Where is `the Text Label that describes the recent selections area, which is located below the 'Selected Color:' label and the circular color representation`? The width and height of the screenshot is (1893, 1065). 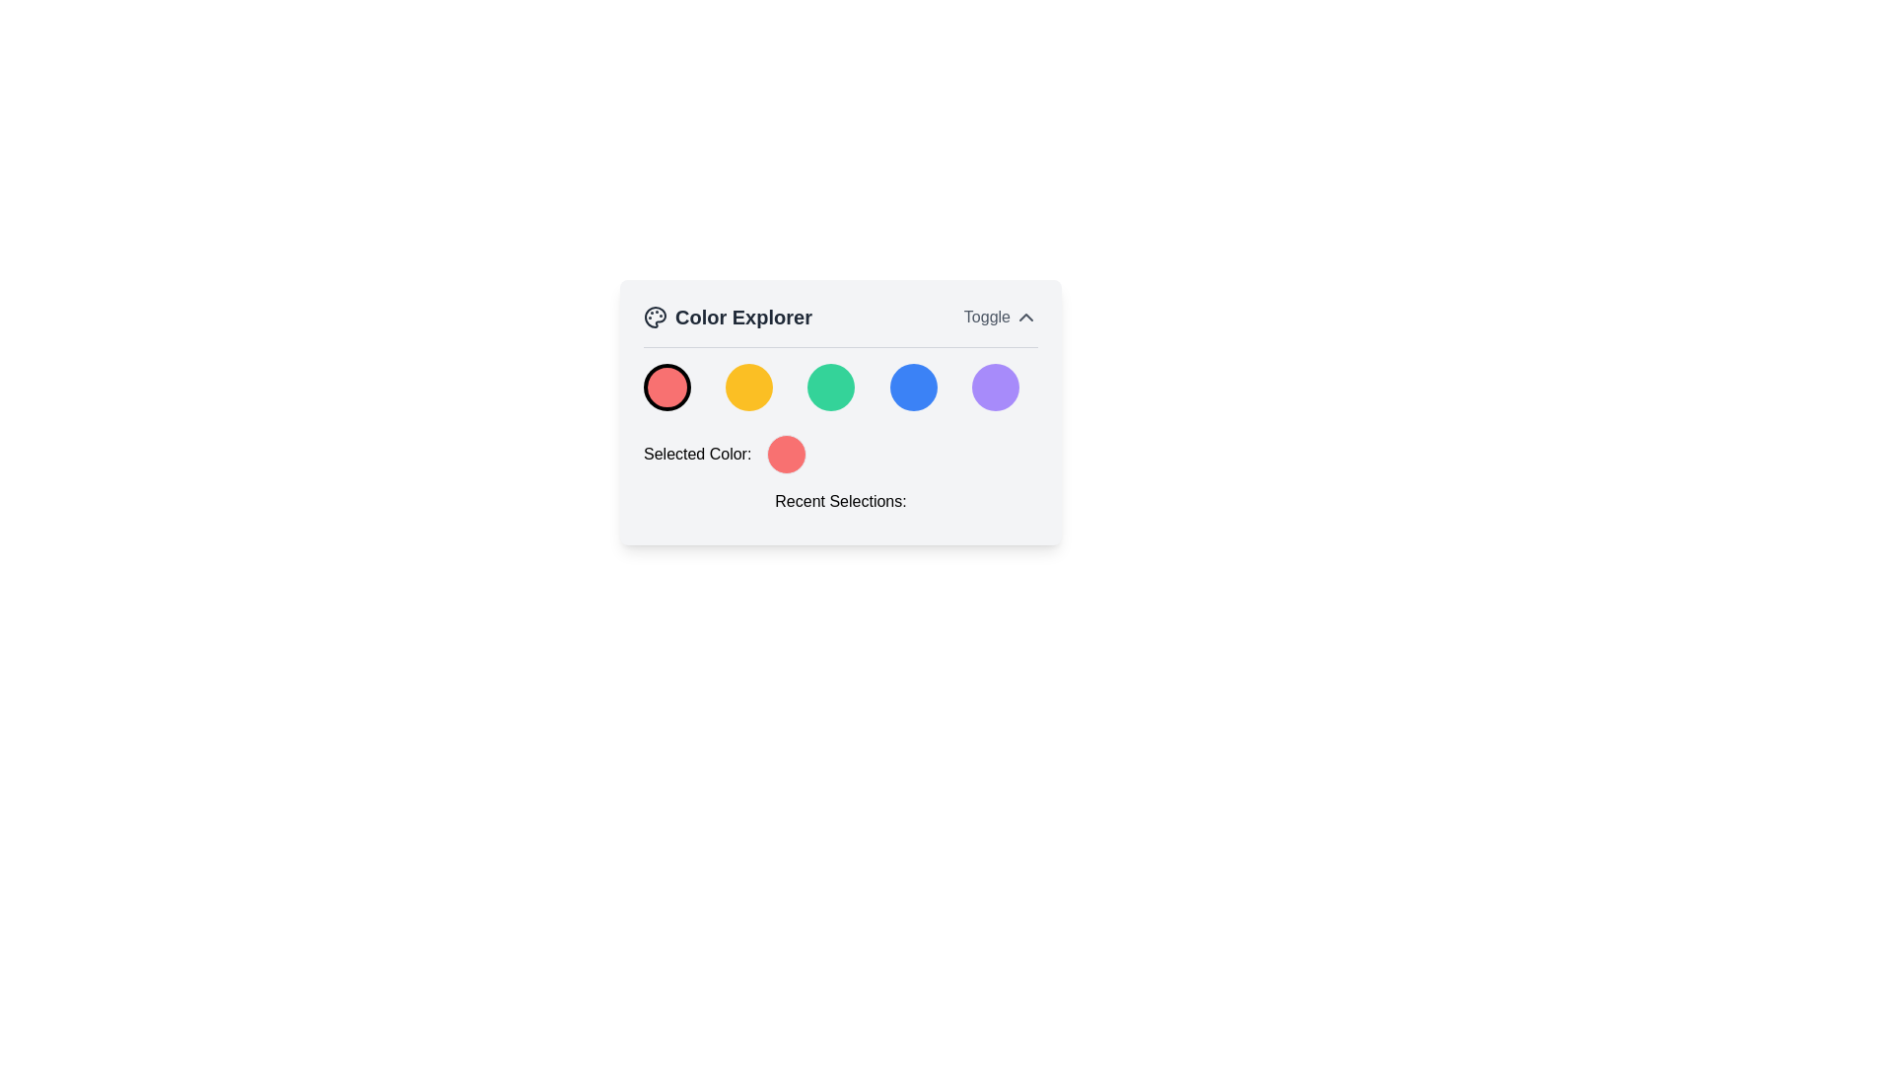
the Text Label that describes the recent selections area, which is located below the 'Selected Color:' label and the circular color representation is located at coordinates (841, 501).